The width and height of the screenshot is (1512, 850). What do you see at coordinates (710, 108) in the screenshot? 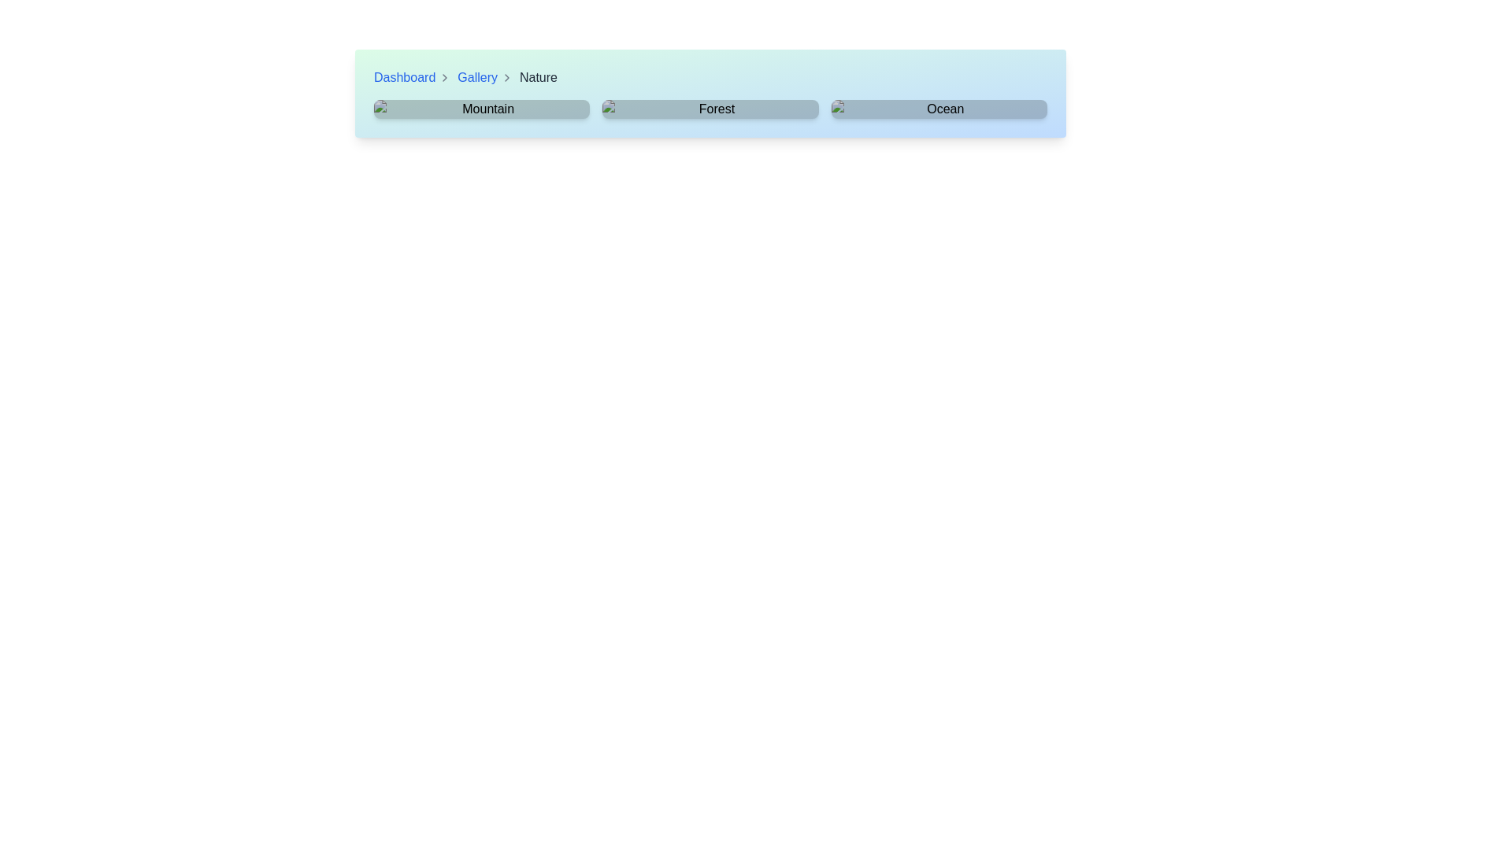
I see `the second compartment of the grid item containing nature type icons (Forest)` at bounding box center [710, 108].